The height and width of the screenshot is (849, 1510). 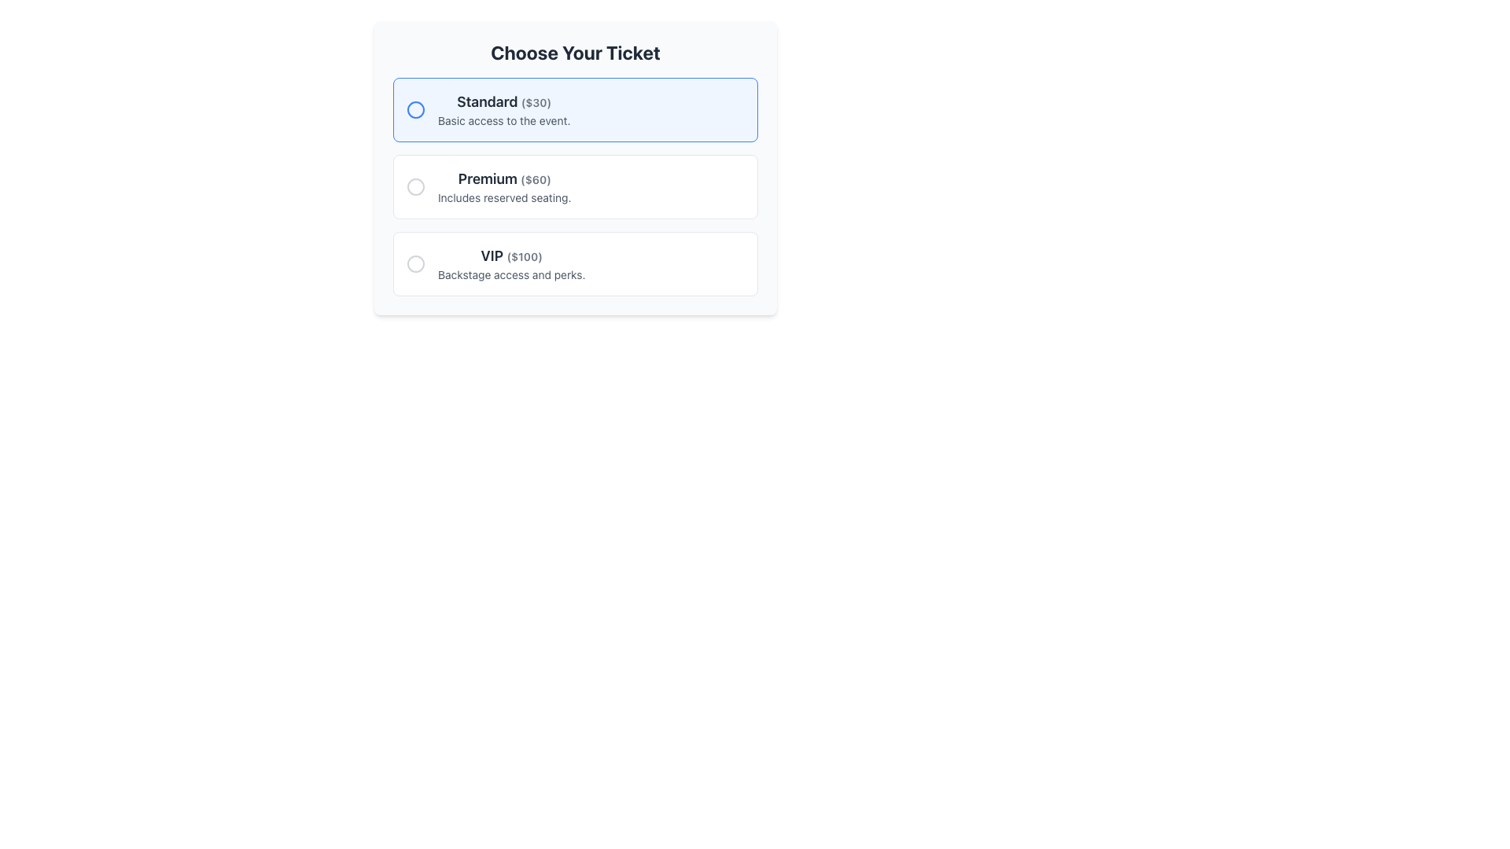 I want to click on the selectable card option for purchasing a VIP ticket located at the bottom of the ticket options in the 'Choose Your Ticket' section, so click(x=574, y=263).